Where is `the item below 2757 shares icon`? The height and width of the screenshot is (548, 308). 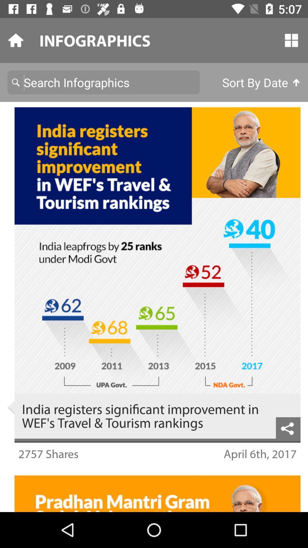 the item below 2757 shares icon is located at coordinates (154, 468).